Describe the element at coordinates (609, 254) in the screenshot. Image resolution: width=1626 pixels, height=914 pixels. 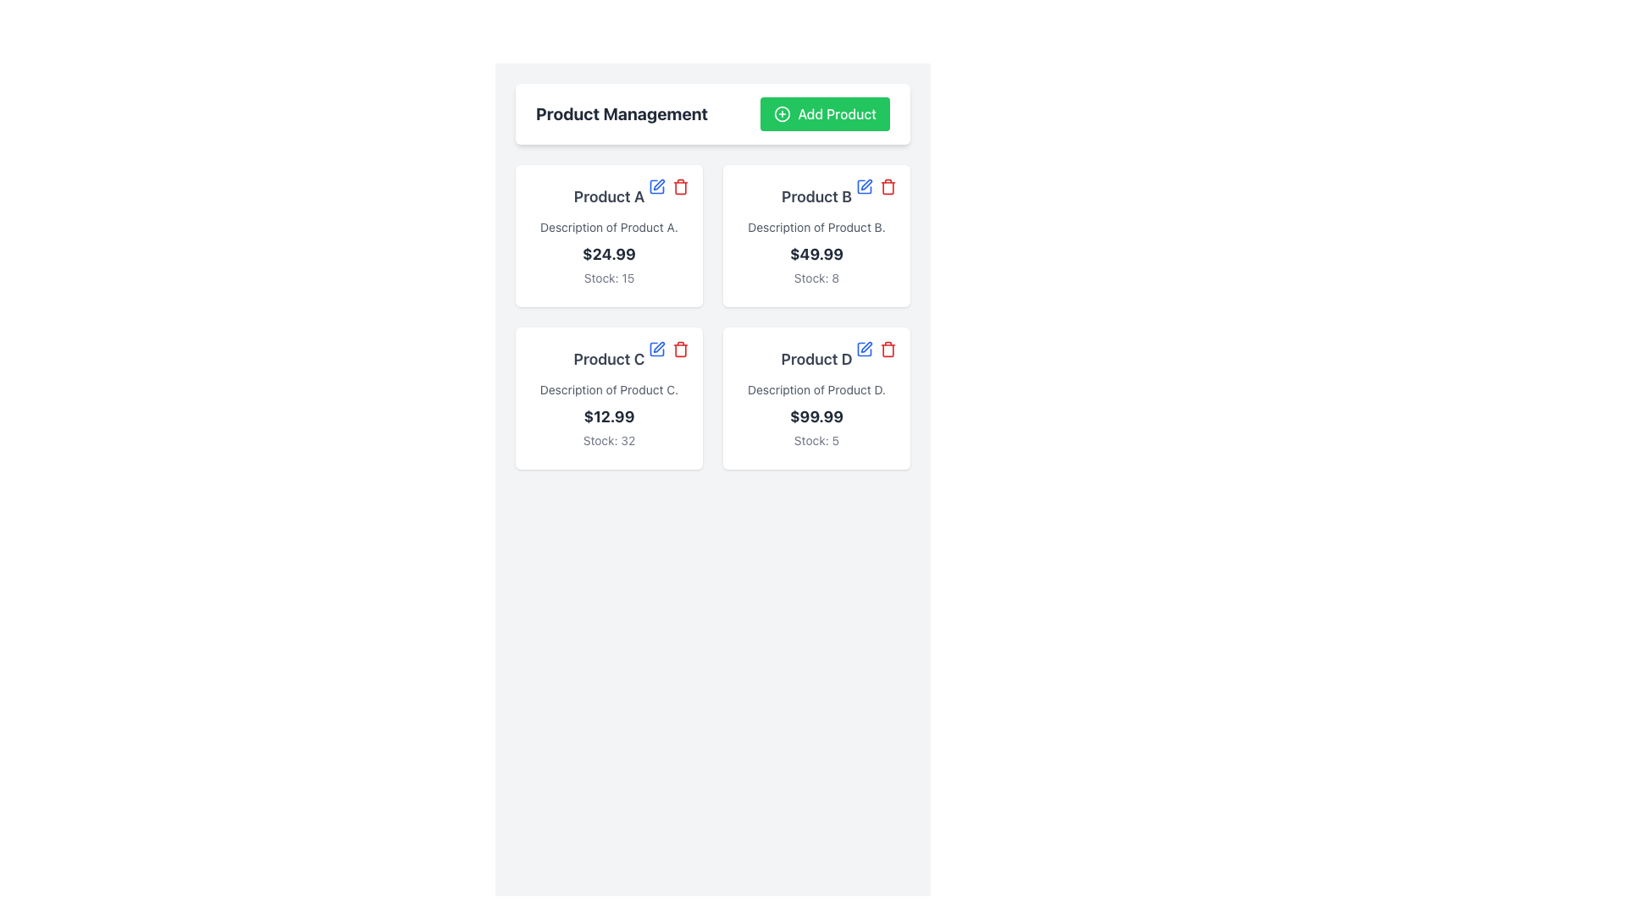
I see `price information displayed in the text label for 'Product A', which shows the cost of the item as '$24.99'` at that location.